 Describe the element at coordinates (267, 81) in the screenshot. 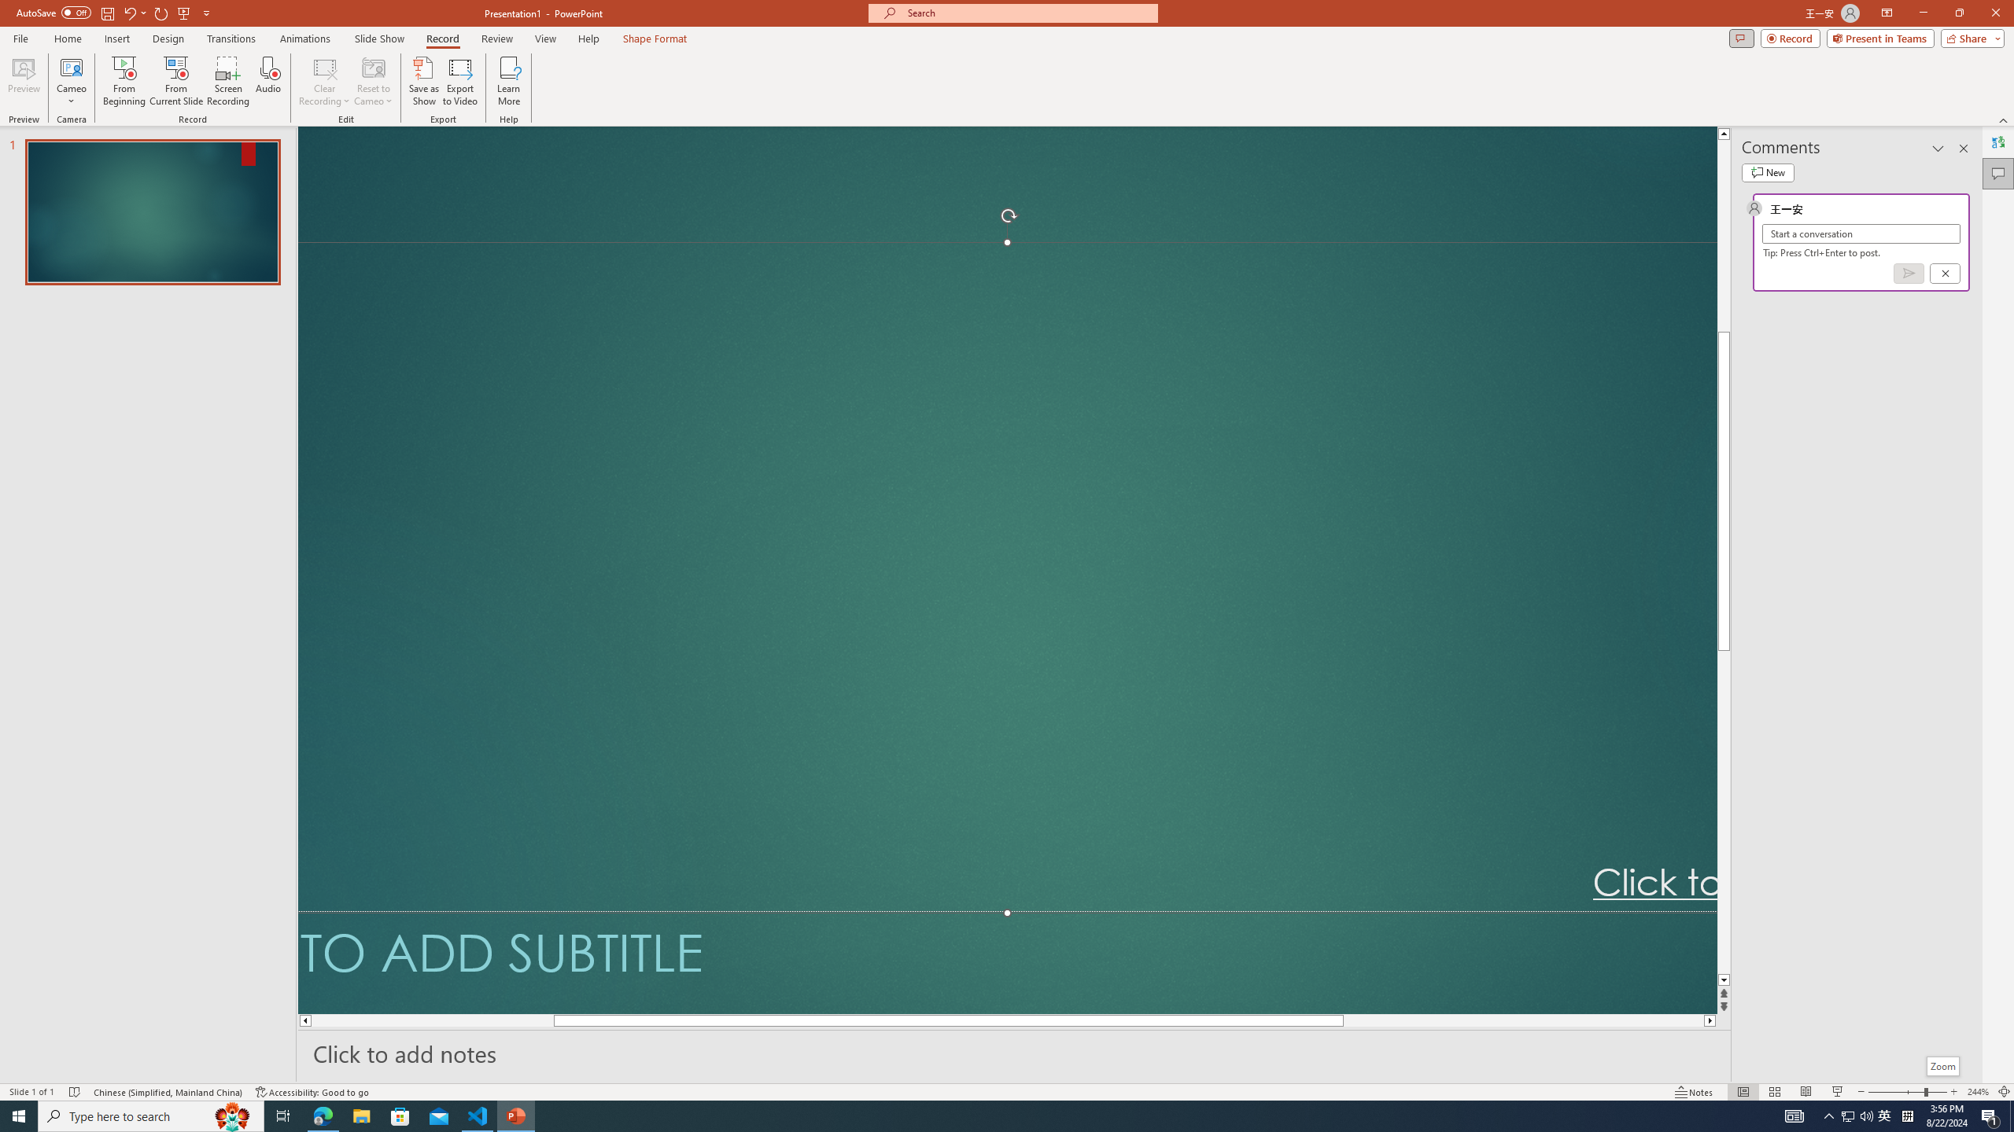

I see `'Audio'` at that location.